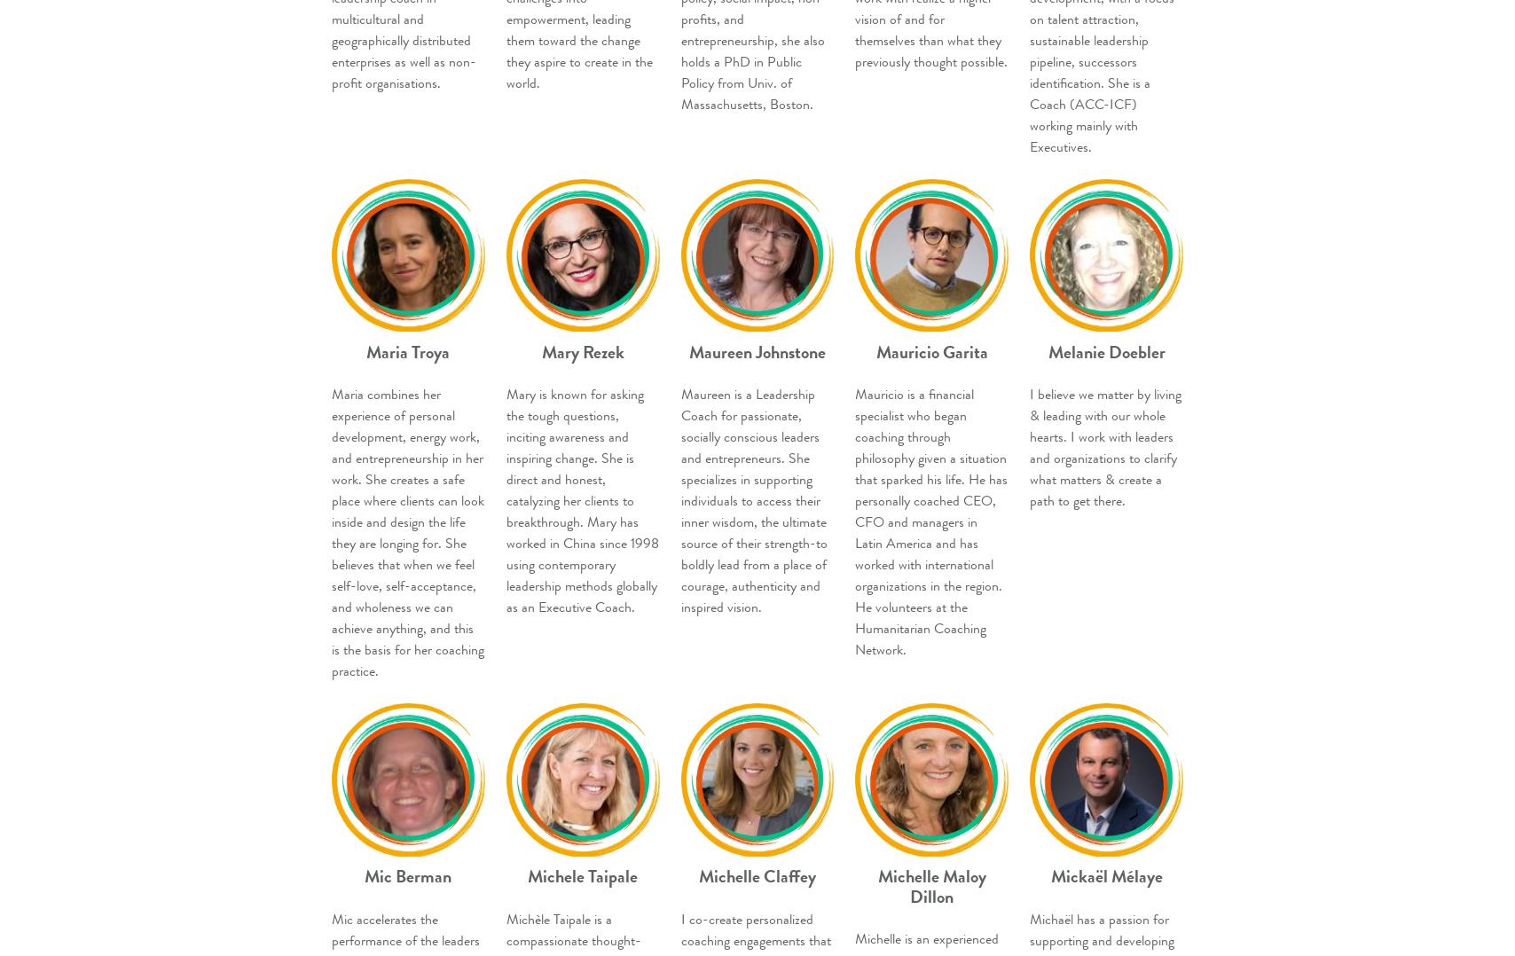  Describe the element at coordinates (407, 532) in the screenshot. I see `'Maria combines her experience of personal development, energy work, and entrepreneurship in her work. She creates a safe place where clients can look inside and design the life they are longing for. She believes that when we feel self-love, self-acceptance, and wholeness we can achieve anything, and this is the basis for her coaching practice.'` at that location.